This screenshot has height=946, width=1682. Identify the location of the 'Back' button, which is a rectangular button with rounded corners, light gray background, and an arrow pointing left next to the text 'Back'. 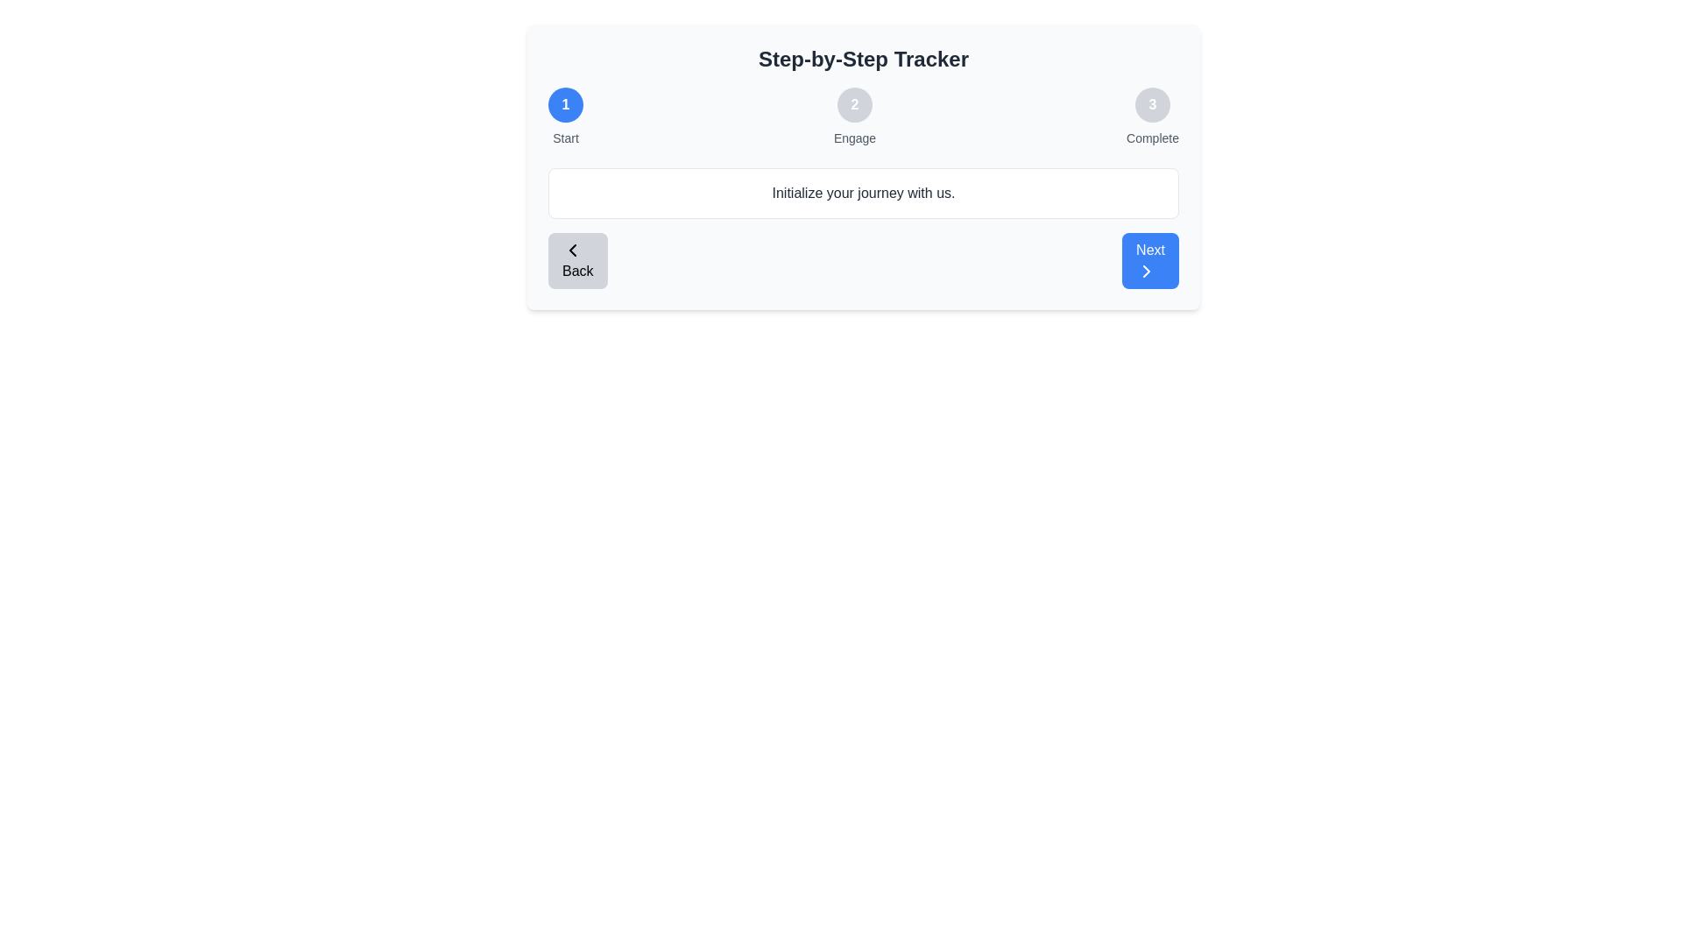
(577, 260).